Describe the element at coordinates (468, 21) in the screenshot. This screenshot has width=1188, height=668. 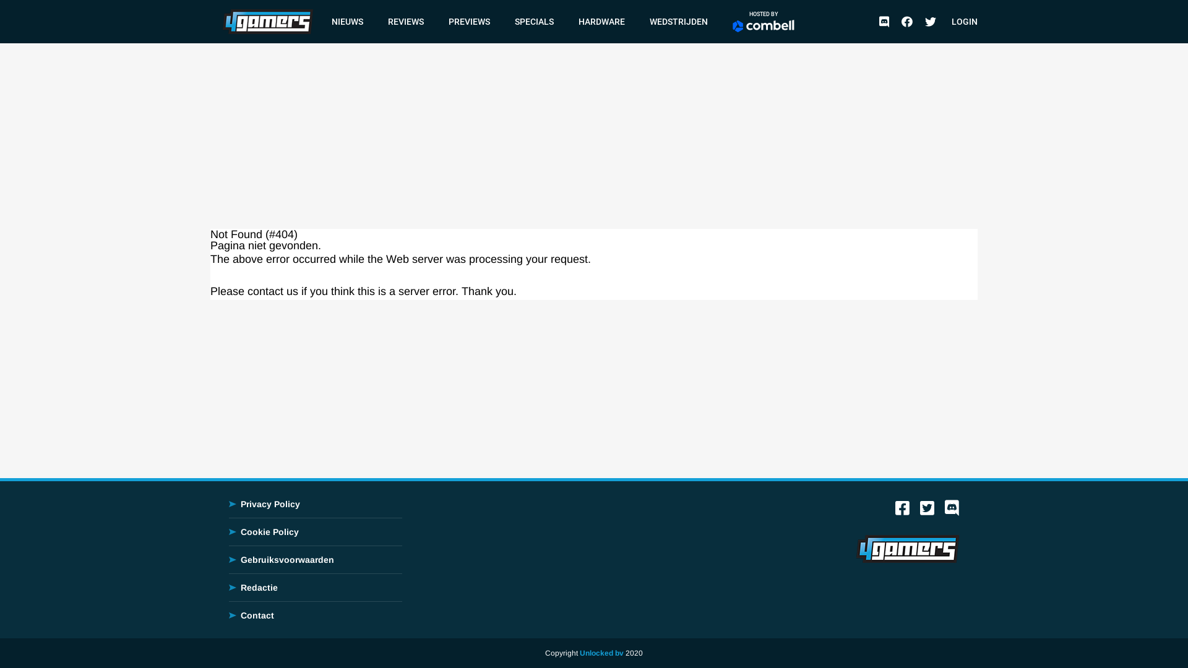
I see `'PREVIEWS'` at that location.